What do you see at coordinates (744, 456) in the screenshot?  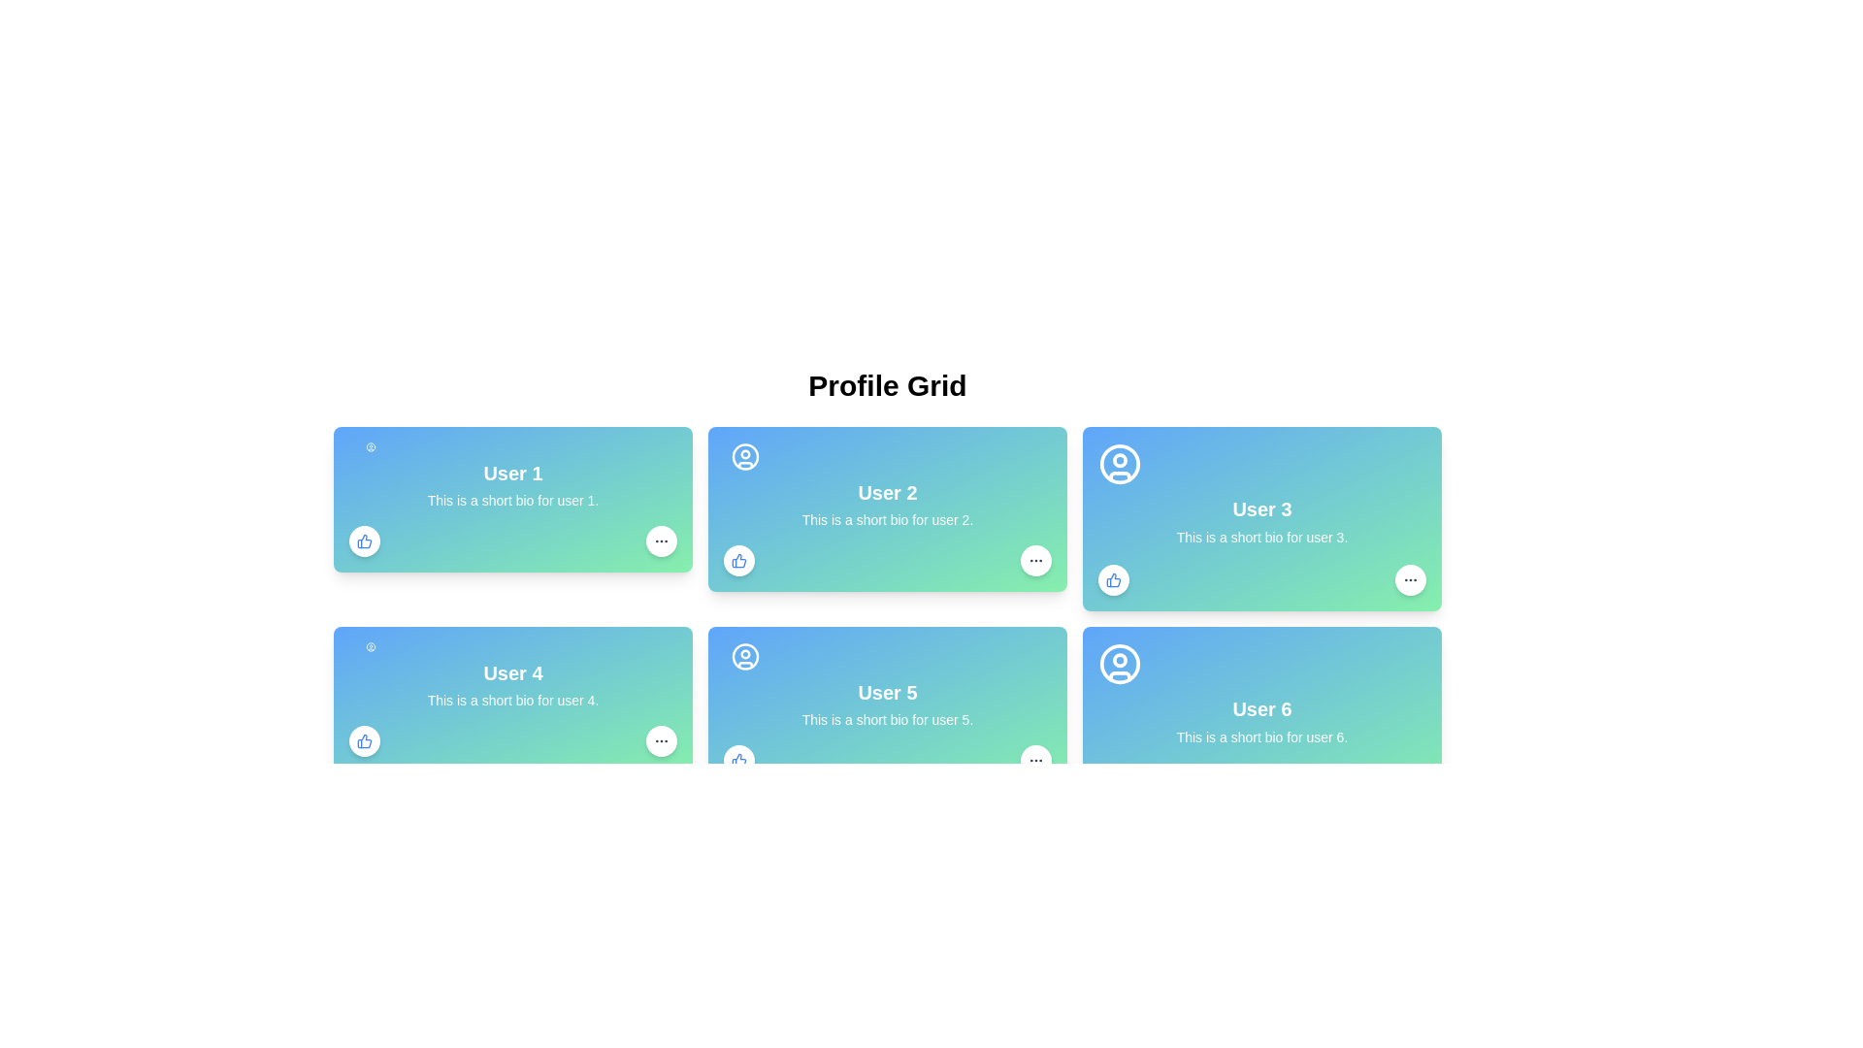 I see `the circular vector graphic representing the user profile` at bounding box center [744, 456].